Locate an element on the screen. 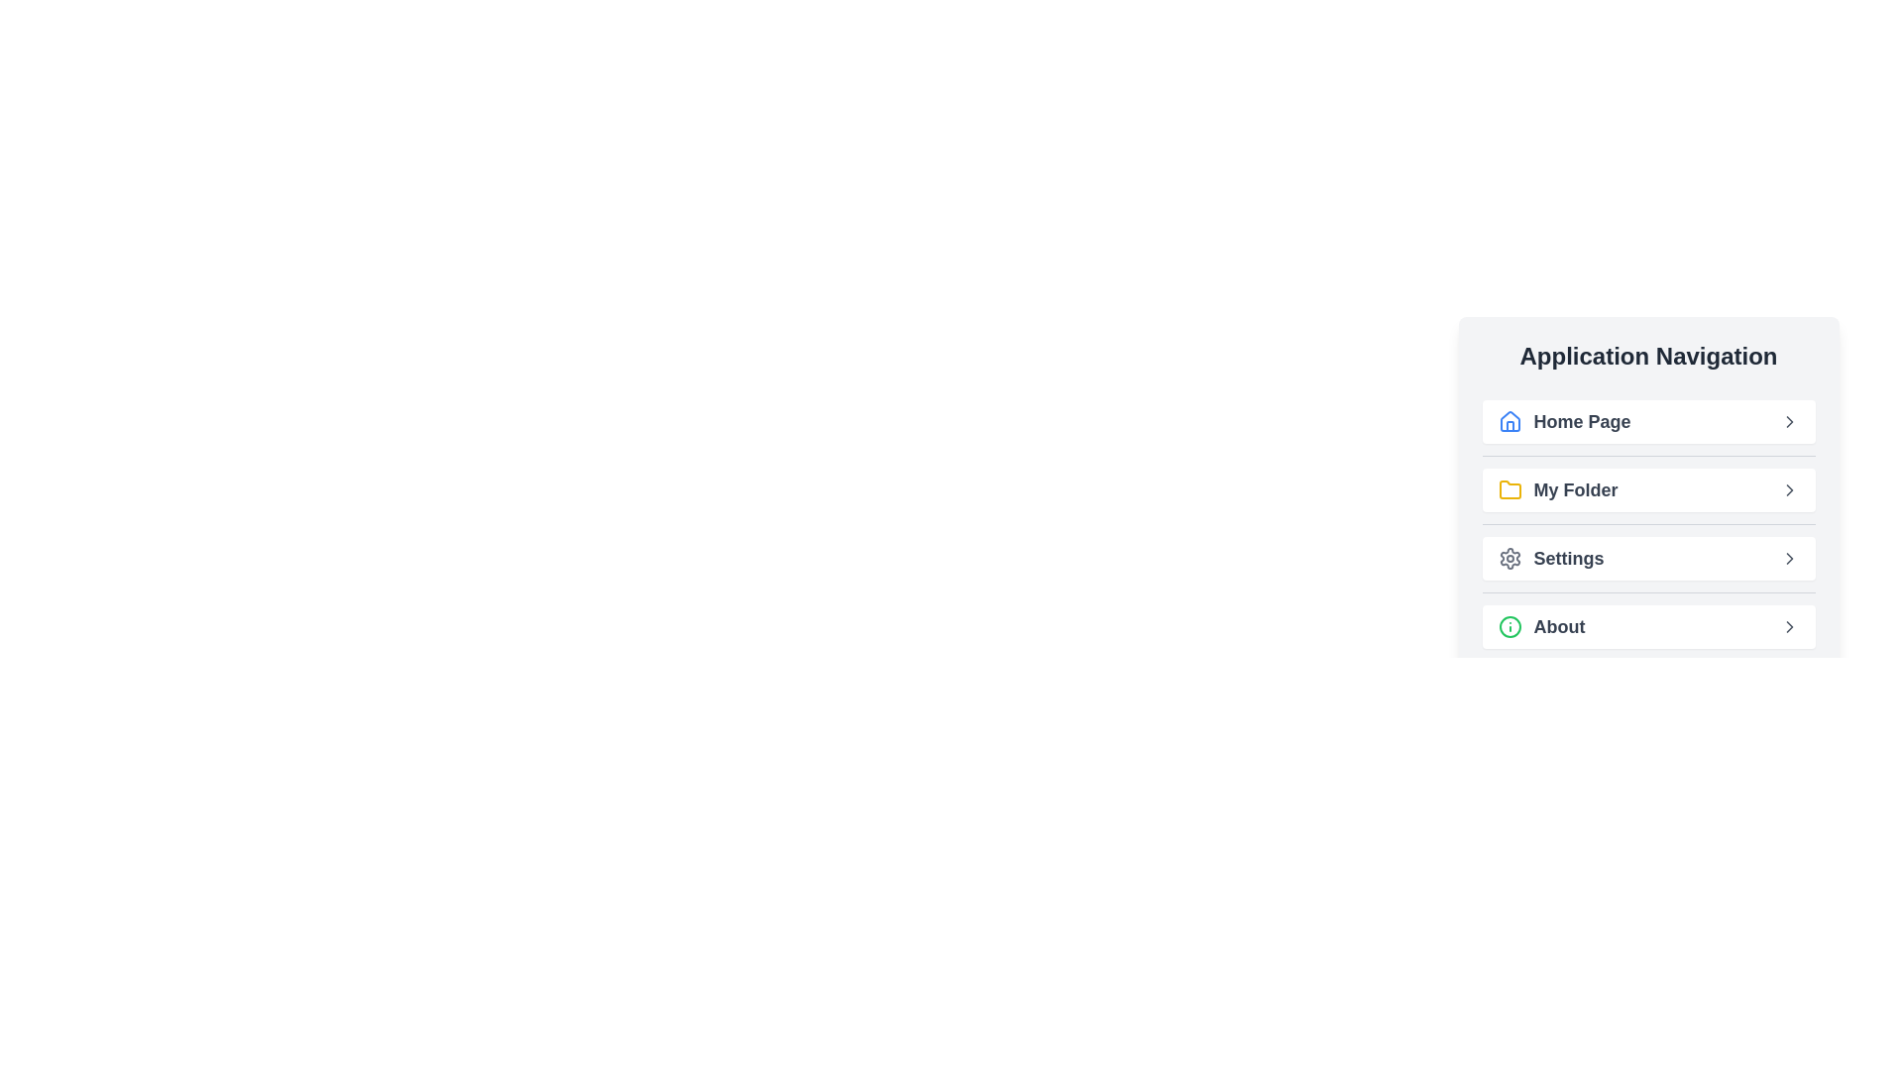 Image resolution: width=1903 pixels, height=1070 pixels. the 'Settings' menu item in the vertical navigation menu is located at coordinates (1648, 558).